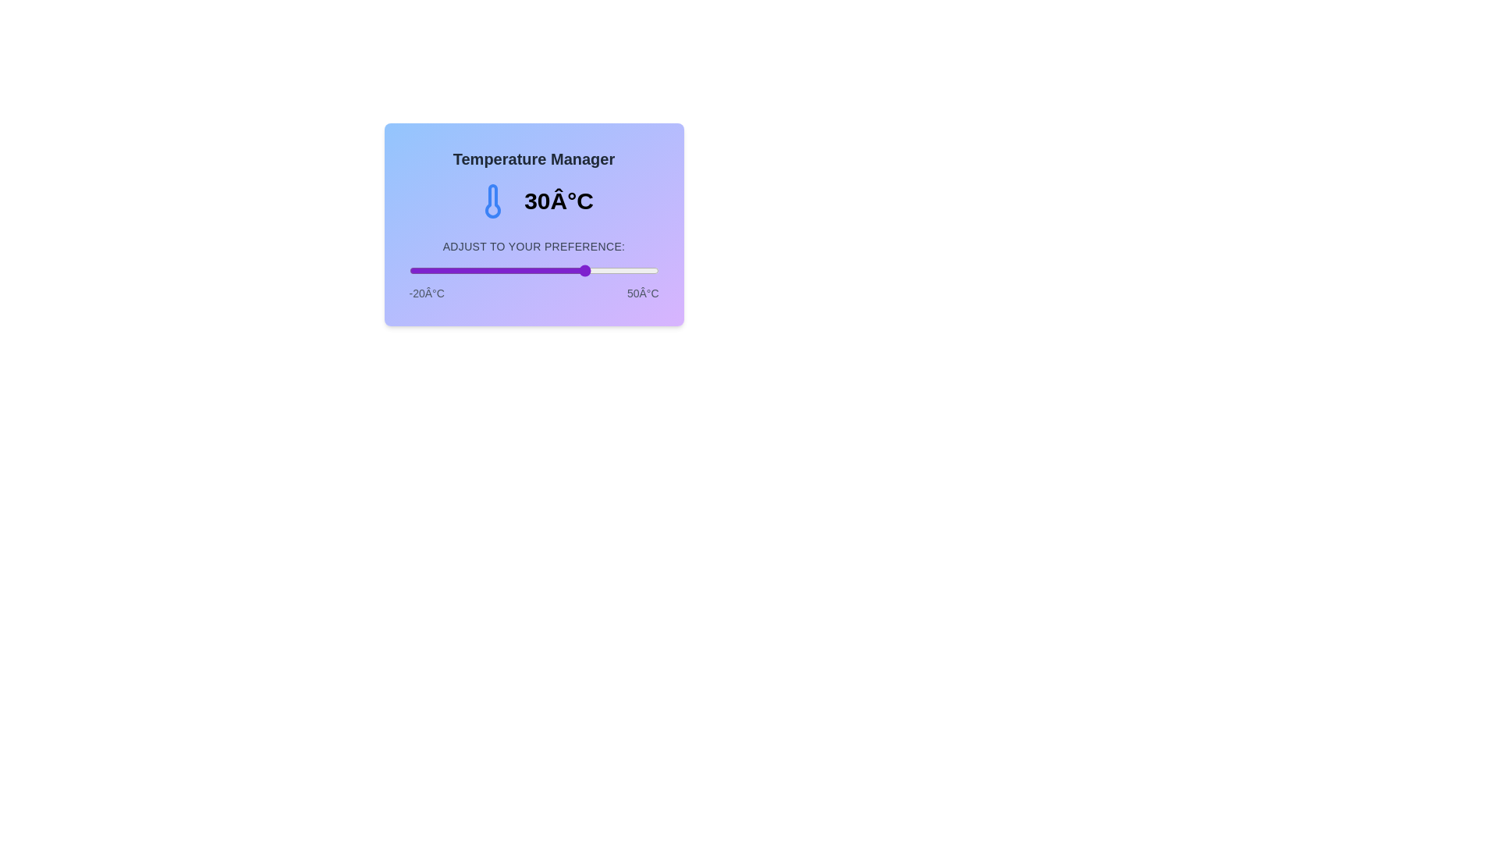 The image size is (1498, 843). I want to click on the temperature to 39 degrees Celsius by dragging the slider, so click(619, 270).